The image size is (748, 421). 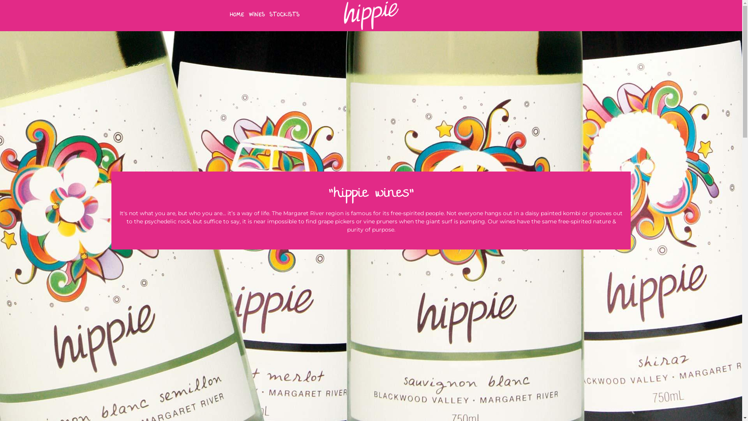 What do you see at coordinates (257, 15) in the screenshot?
I see `'WINES'` at bounding box center [257, 15].